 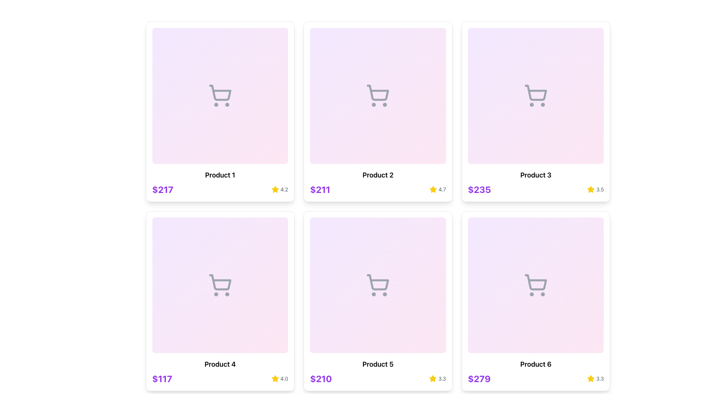 What do you see at coordinates (220, 282) in the screenshot?
I see `the basket part of the shopping cart icon, which is represented by gray vector strokes on a light pastel purple background` at bounding box center [220, 282].